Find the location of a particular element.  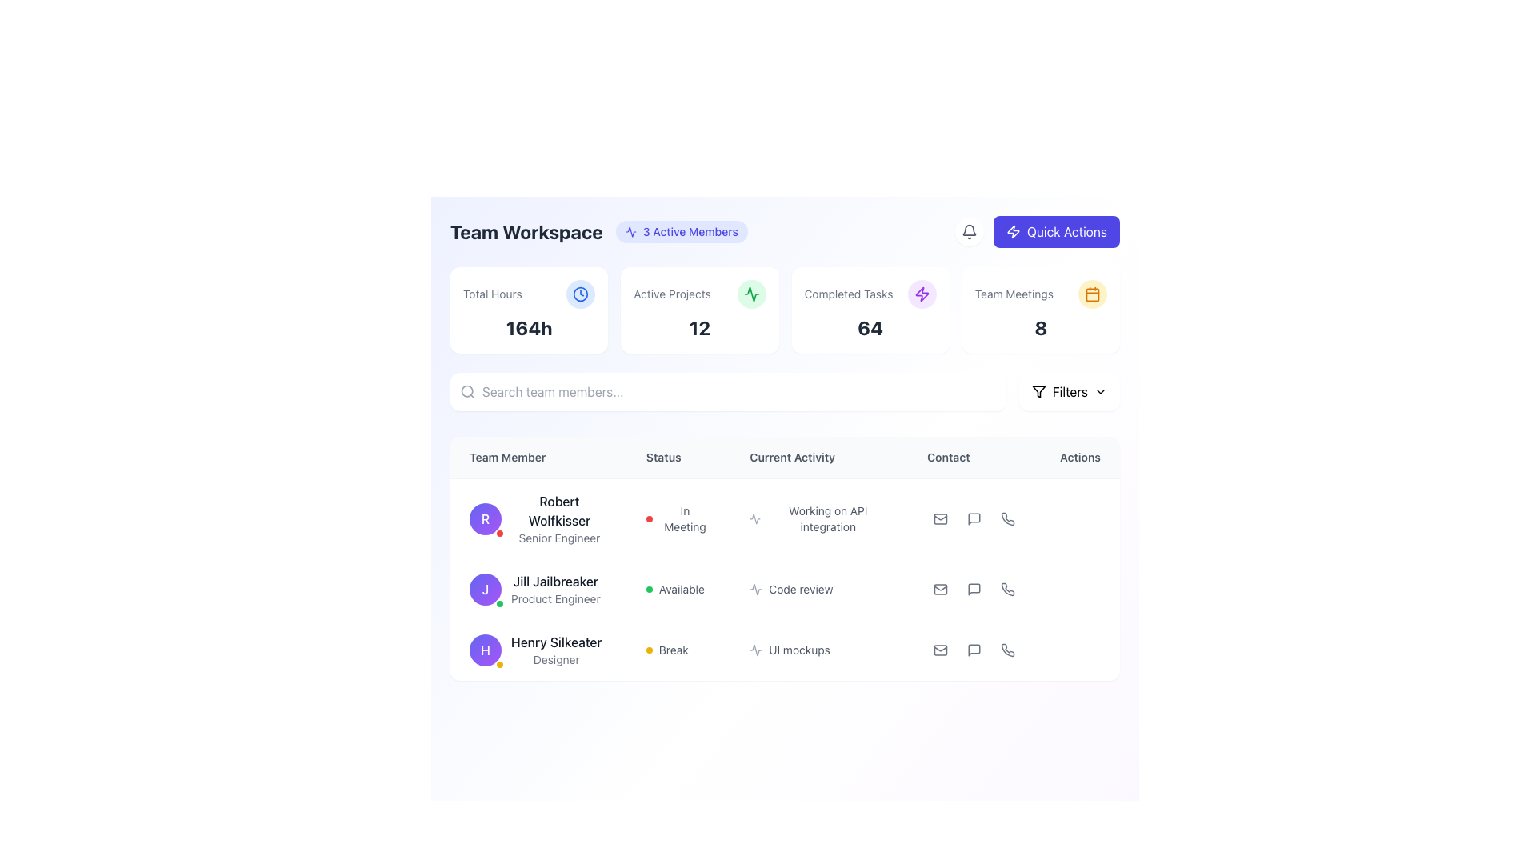

the Text Label displaying the name 'Henry Silkeater' and title 'Designer', which is located beneath the avatar icon in the third row of the 'Team Member' column is located at coordinates (556, 650).